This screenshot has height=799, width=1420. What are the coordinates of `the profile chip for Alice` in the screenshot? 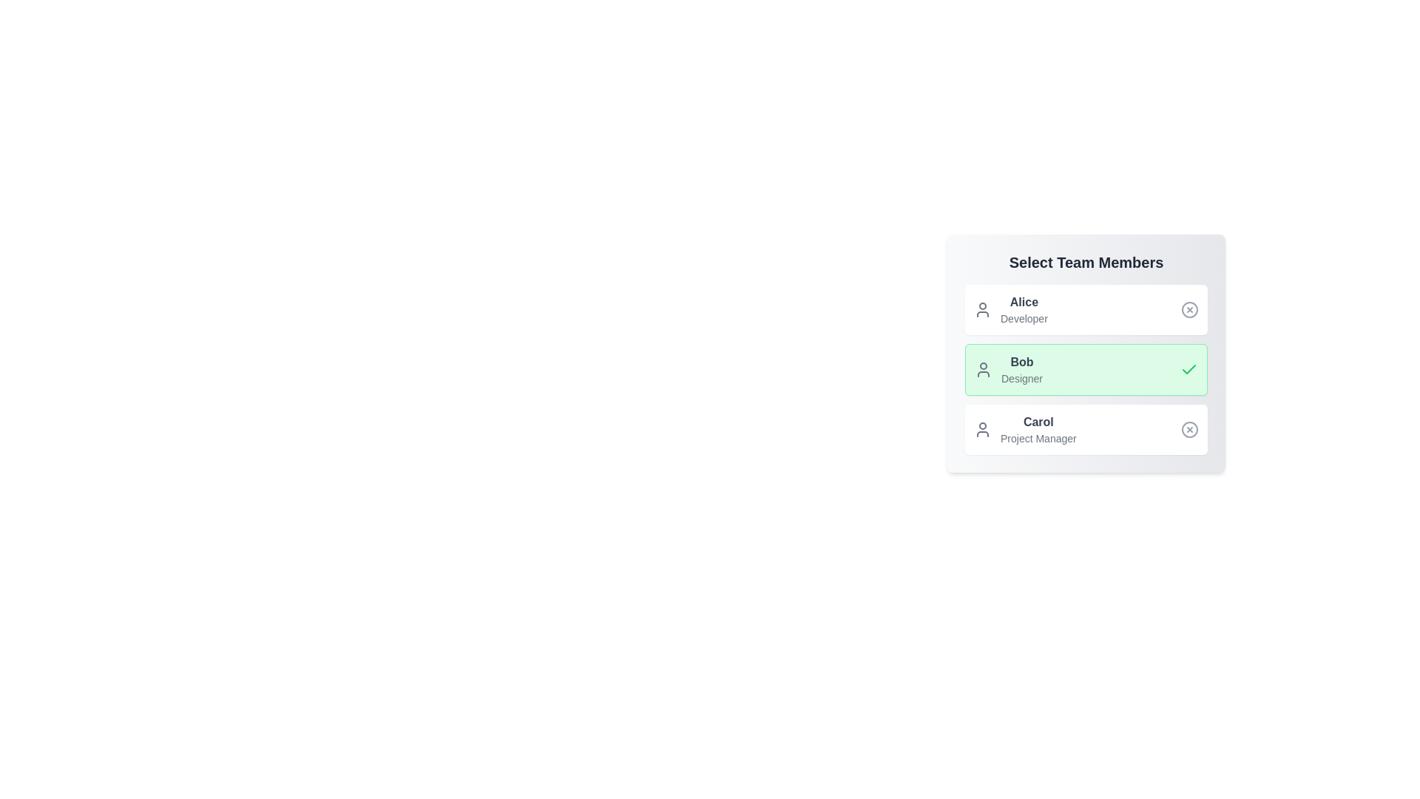 It's located at (1086, 309).